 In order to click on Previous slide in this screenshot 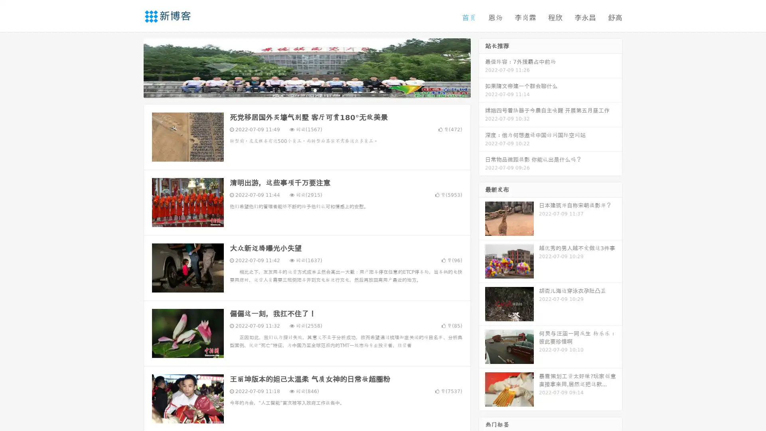, I will do `click(132, 67)`.